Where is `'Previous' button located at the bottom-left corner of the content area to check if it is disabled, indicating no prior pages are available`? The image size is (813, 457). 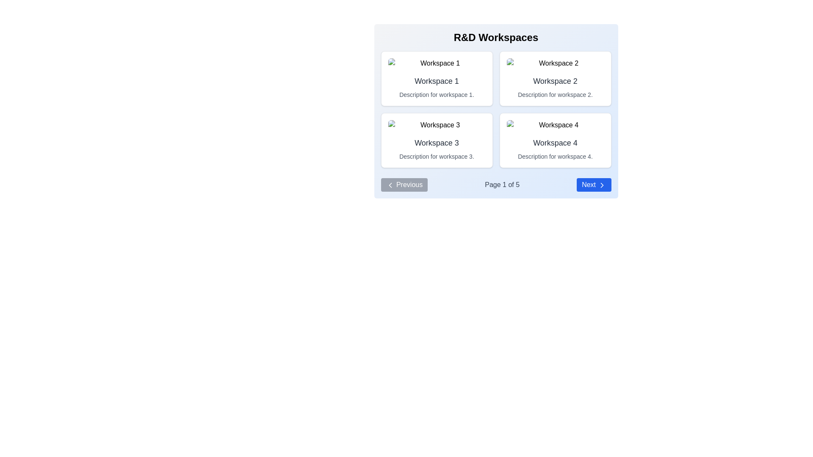 'Previous' button located at the bottom-left corner of the content area to check if it is disabled, indicating no prior pages are available is located at coordinates (404, 184).